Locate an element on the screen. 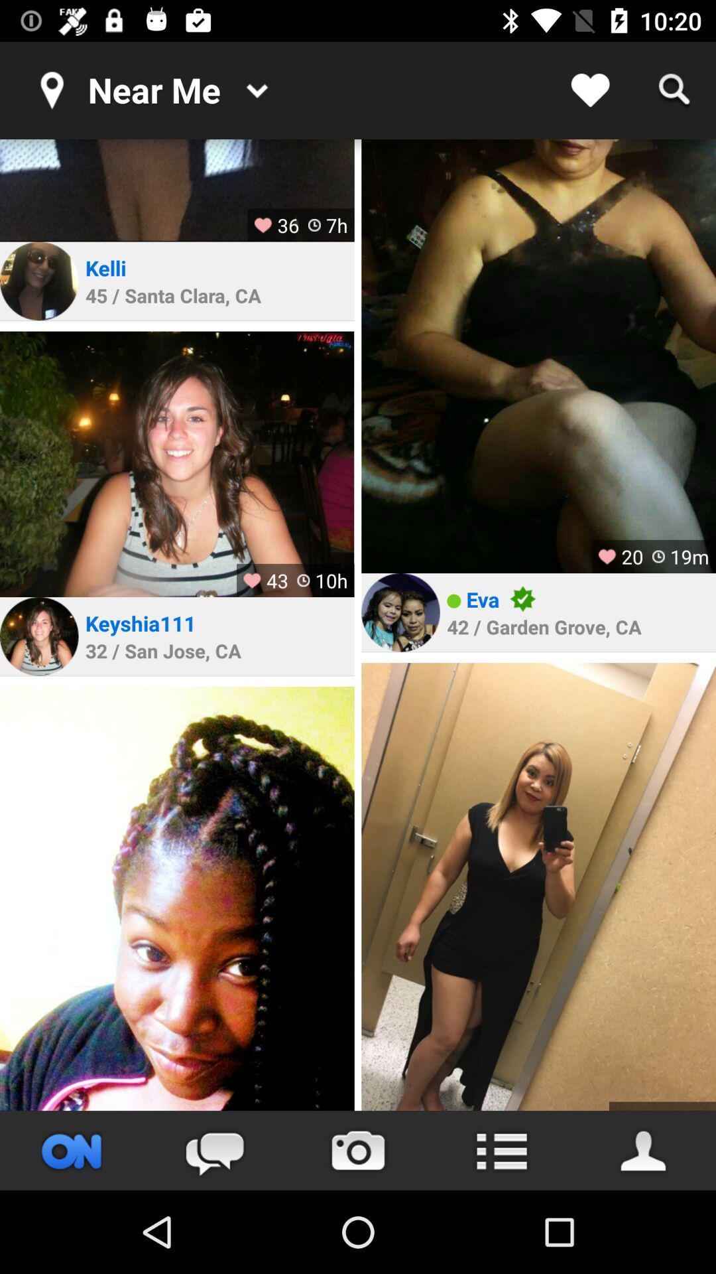 The image size is (716, 1274). open photo is located at coordinates (176, 190).